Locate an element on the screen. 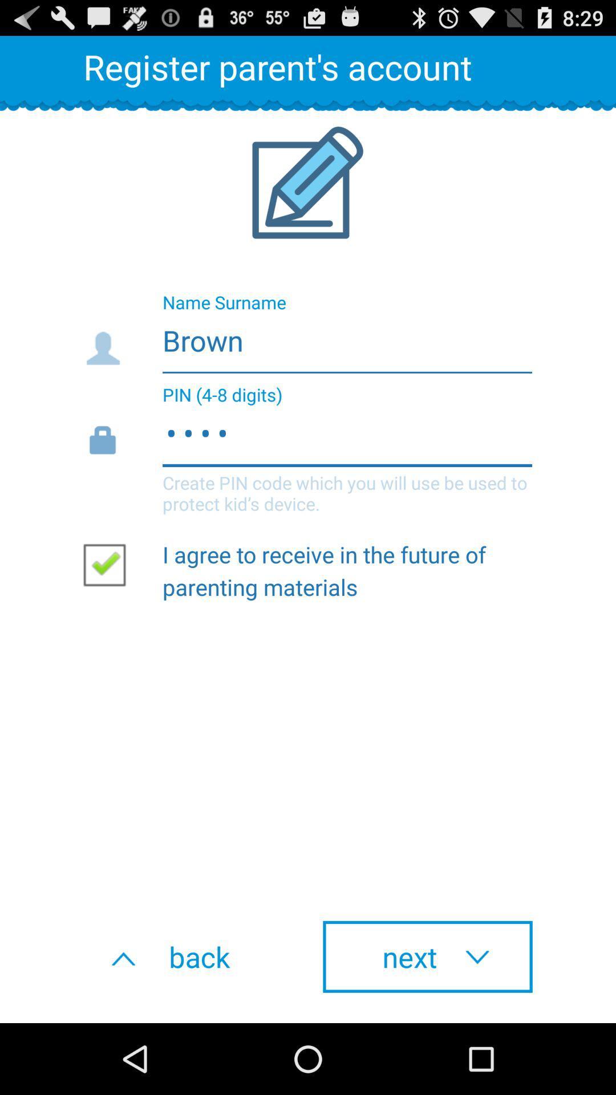 The image size is (616, 1095). item below brown item is located at coordinates (307, 450).